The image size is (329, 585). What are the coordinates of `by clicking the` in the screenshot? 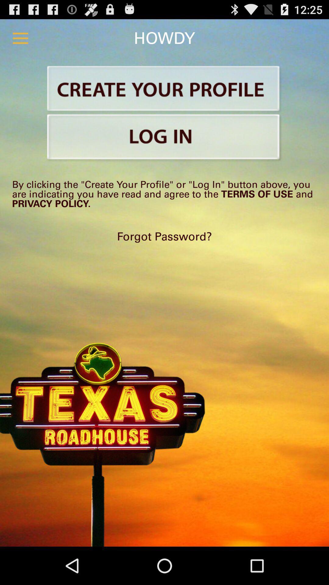 It's located at (164, 193).